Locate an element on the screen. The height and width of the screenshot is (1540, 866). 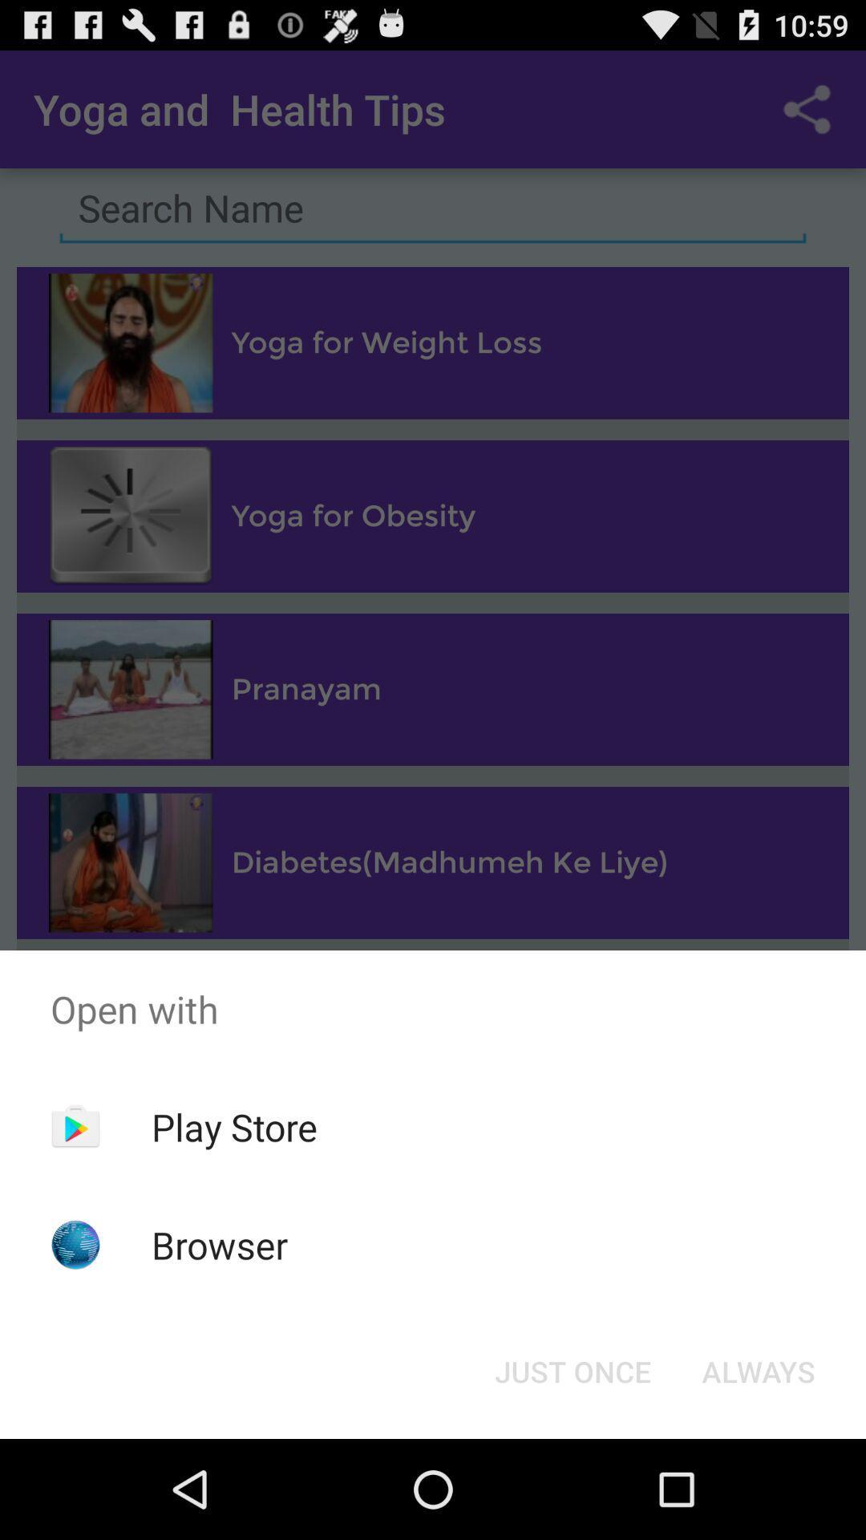
button to the left of the always icon is located at coordinates (572, 1370).